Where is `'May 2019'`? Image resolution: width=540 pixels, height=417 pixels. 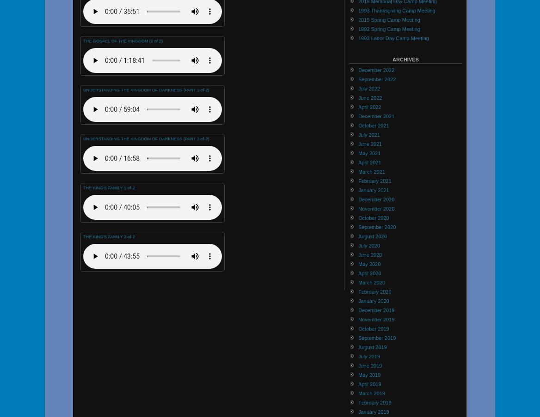
'May 2019' is located at coordinates (369, 374).